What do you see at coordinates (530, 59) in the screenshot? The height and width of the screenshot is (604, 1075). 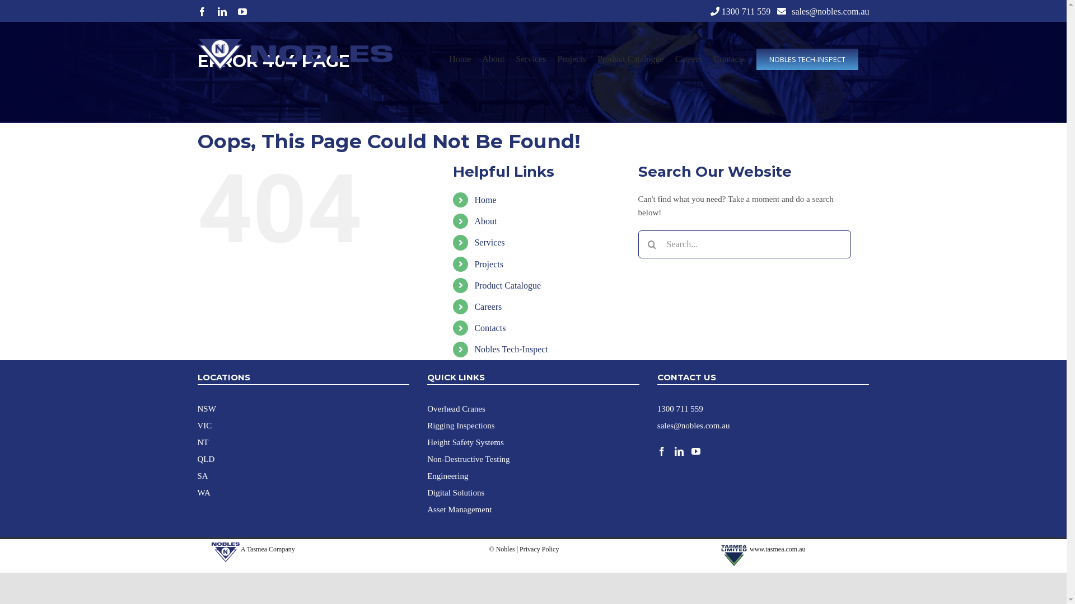 I see `'Services'` at bounding box center [530, 59].